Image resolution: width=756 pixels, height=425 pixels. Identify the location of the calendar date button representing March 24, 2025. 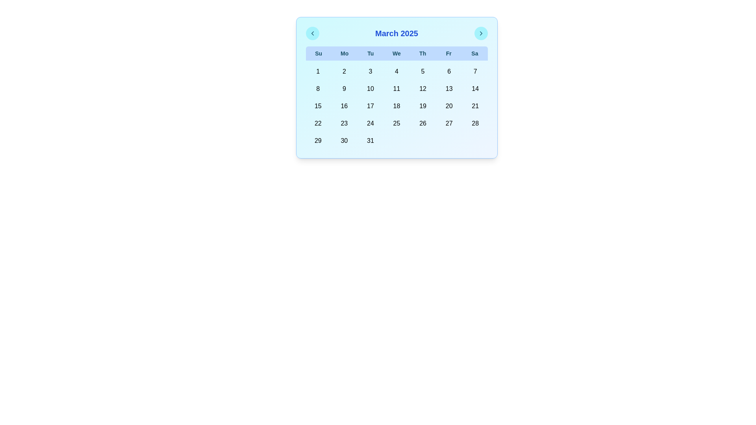
(370, 123).